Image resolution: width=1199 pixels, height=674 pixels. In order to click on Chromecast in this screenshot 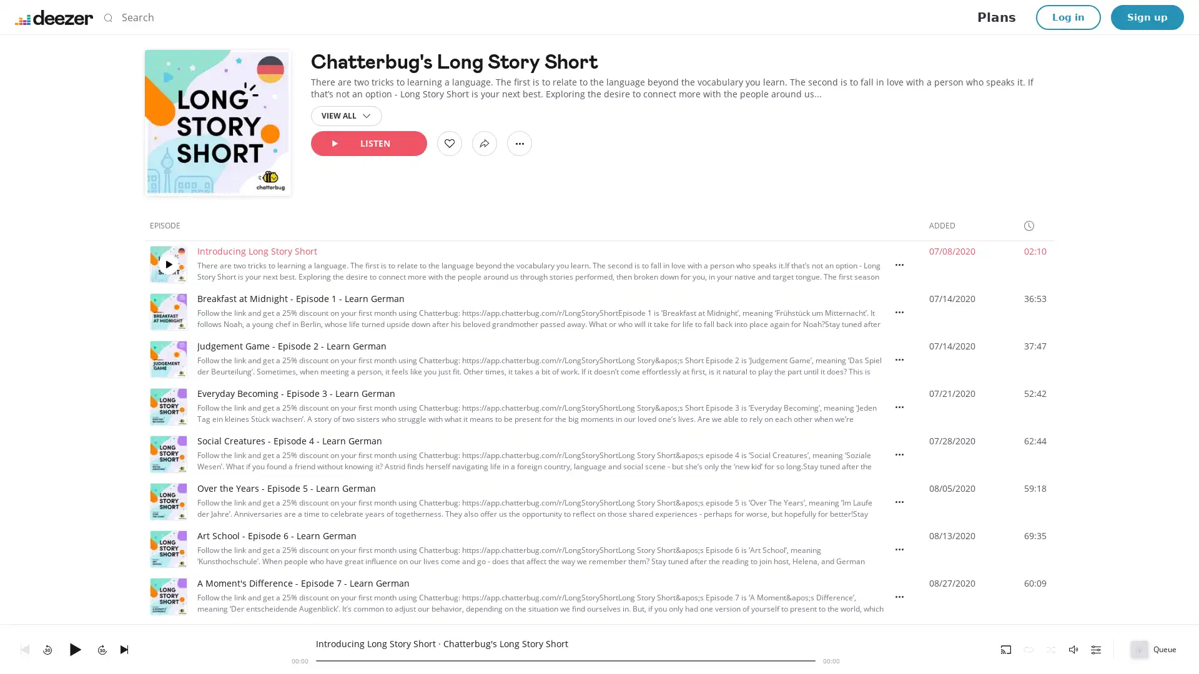, I will do `click(1006, 648)`.